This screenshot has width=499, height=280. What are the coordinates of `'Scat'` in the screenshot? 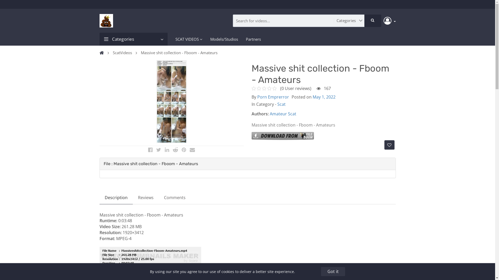 It's located at (281, 104).